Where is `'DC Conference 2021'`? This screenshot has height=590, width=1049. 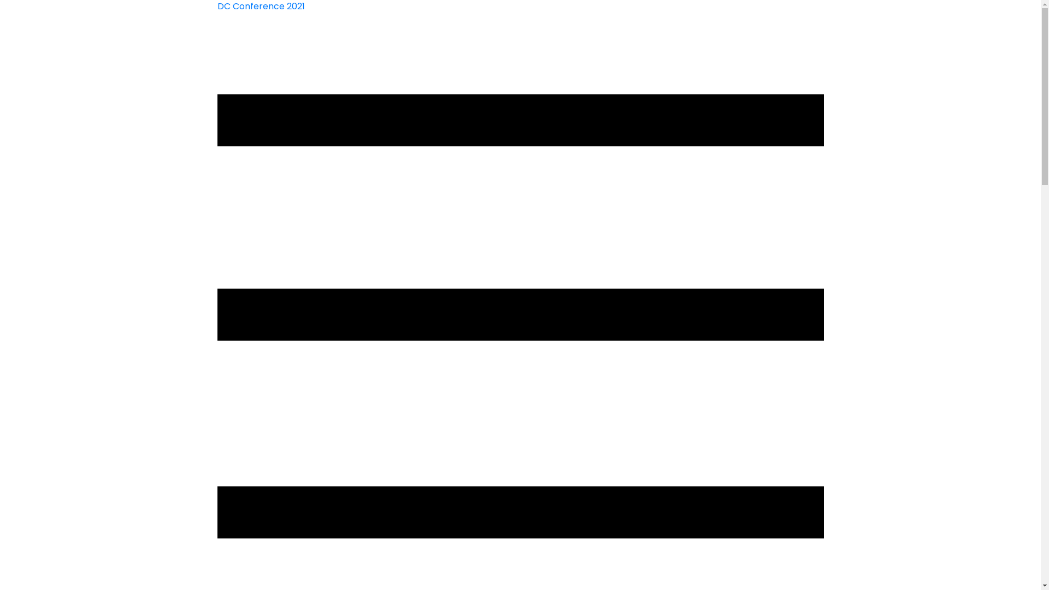 'DC Conference 2021' is located at coordinates (217, 6).